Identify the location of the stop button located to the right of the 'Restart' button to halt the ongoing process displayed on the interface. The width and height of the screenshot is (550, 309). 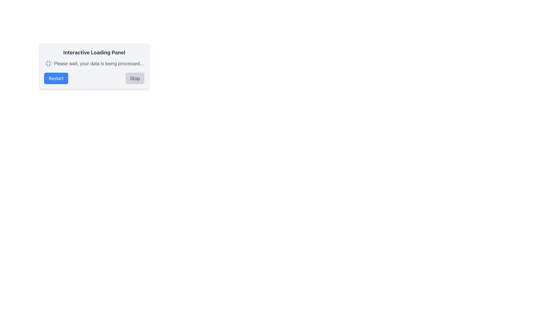
(134, 78).